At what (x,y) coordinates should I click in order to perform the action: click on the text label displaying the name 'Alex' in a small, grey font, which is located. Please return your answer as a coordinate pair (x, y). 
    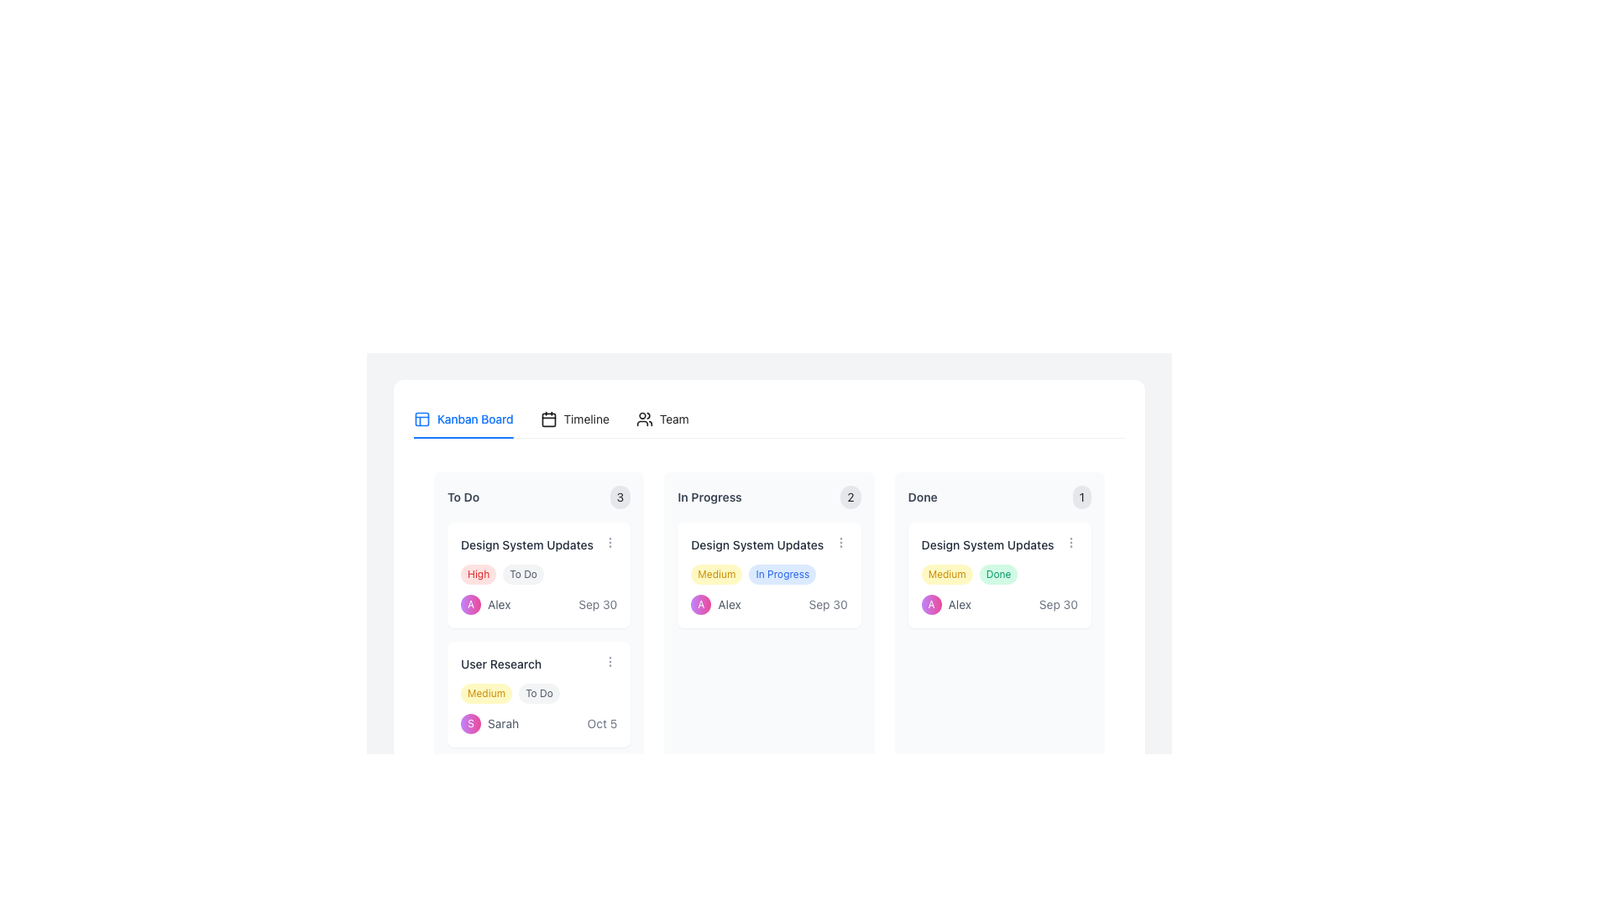
    Looking at the image, I should click on (729, 605).